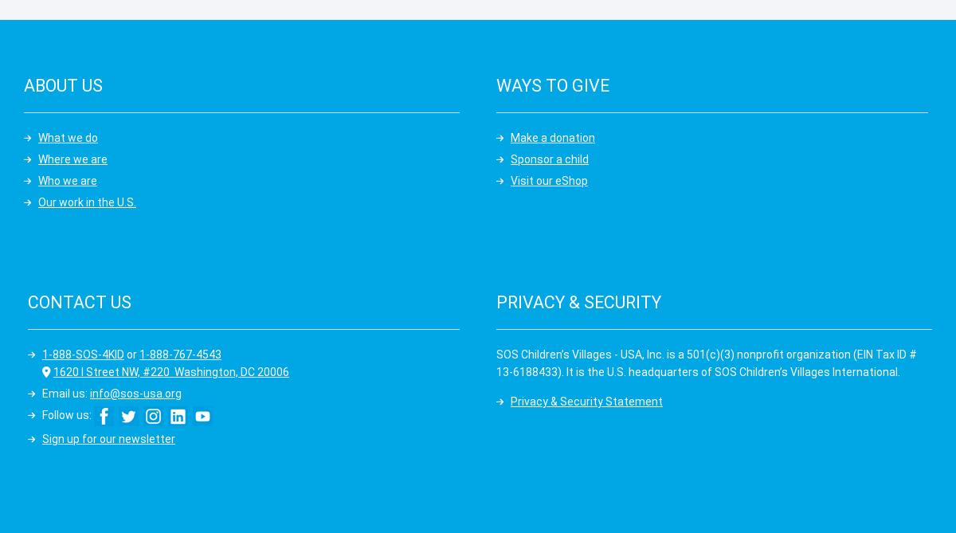 Image resolution: width=956 pixels, height=533 pixels. What do you see at coordinates (552, 135) in the screenshot?
I see `'Make a donation'` at bounding box center [552, 135].